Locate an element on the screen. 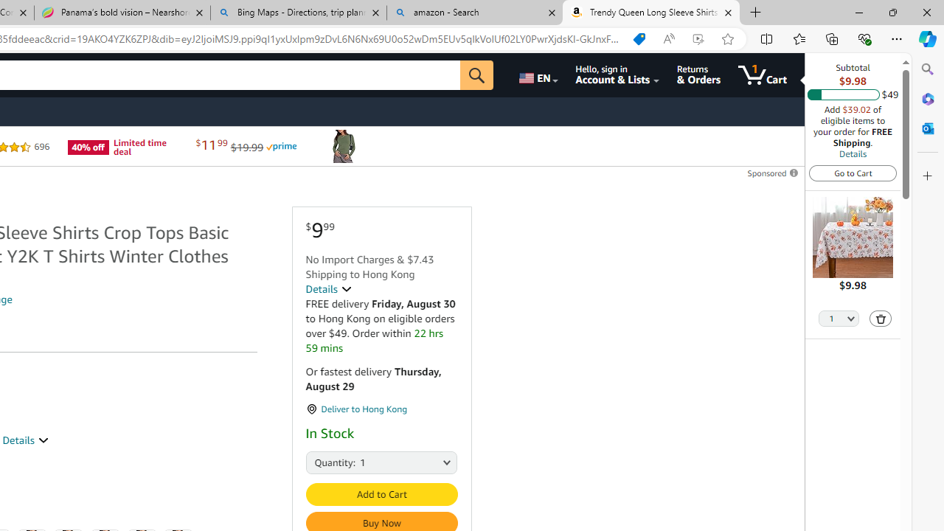  'Go to Cart' is located at coordinates (853, 172).